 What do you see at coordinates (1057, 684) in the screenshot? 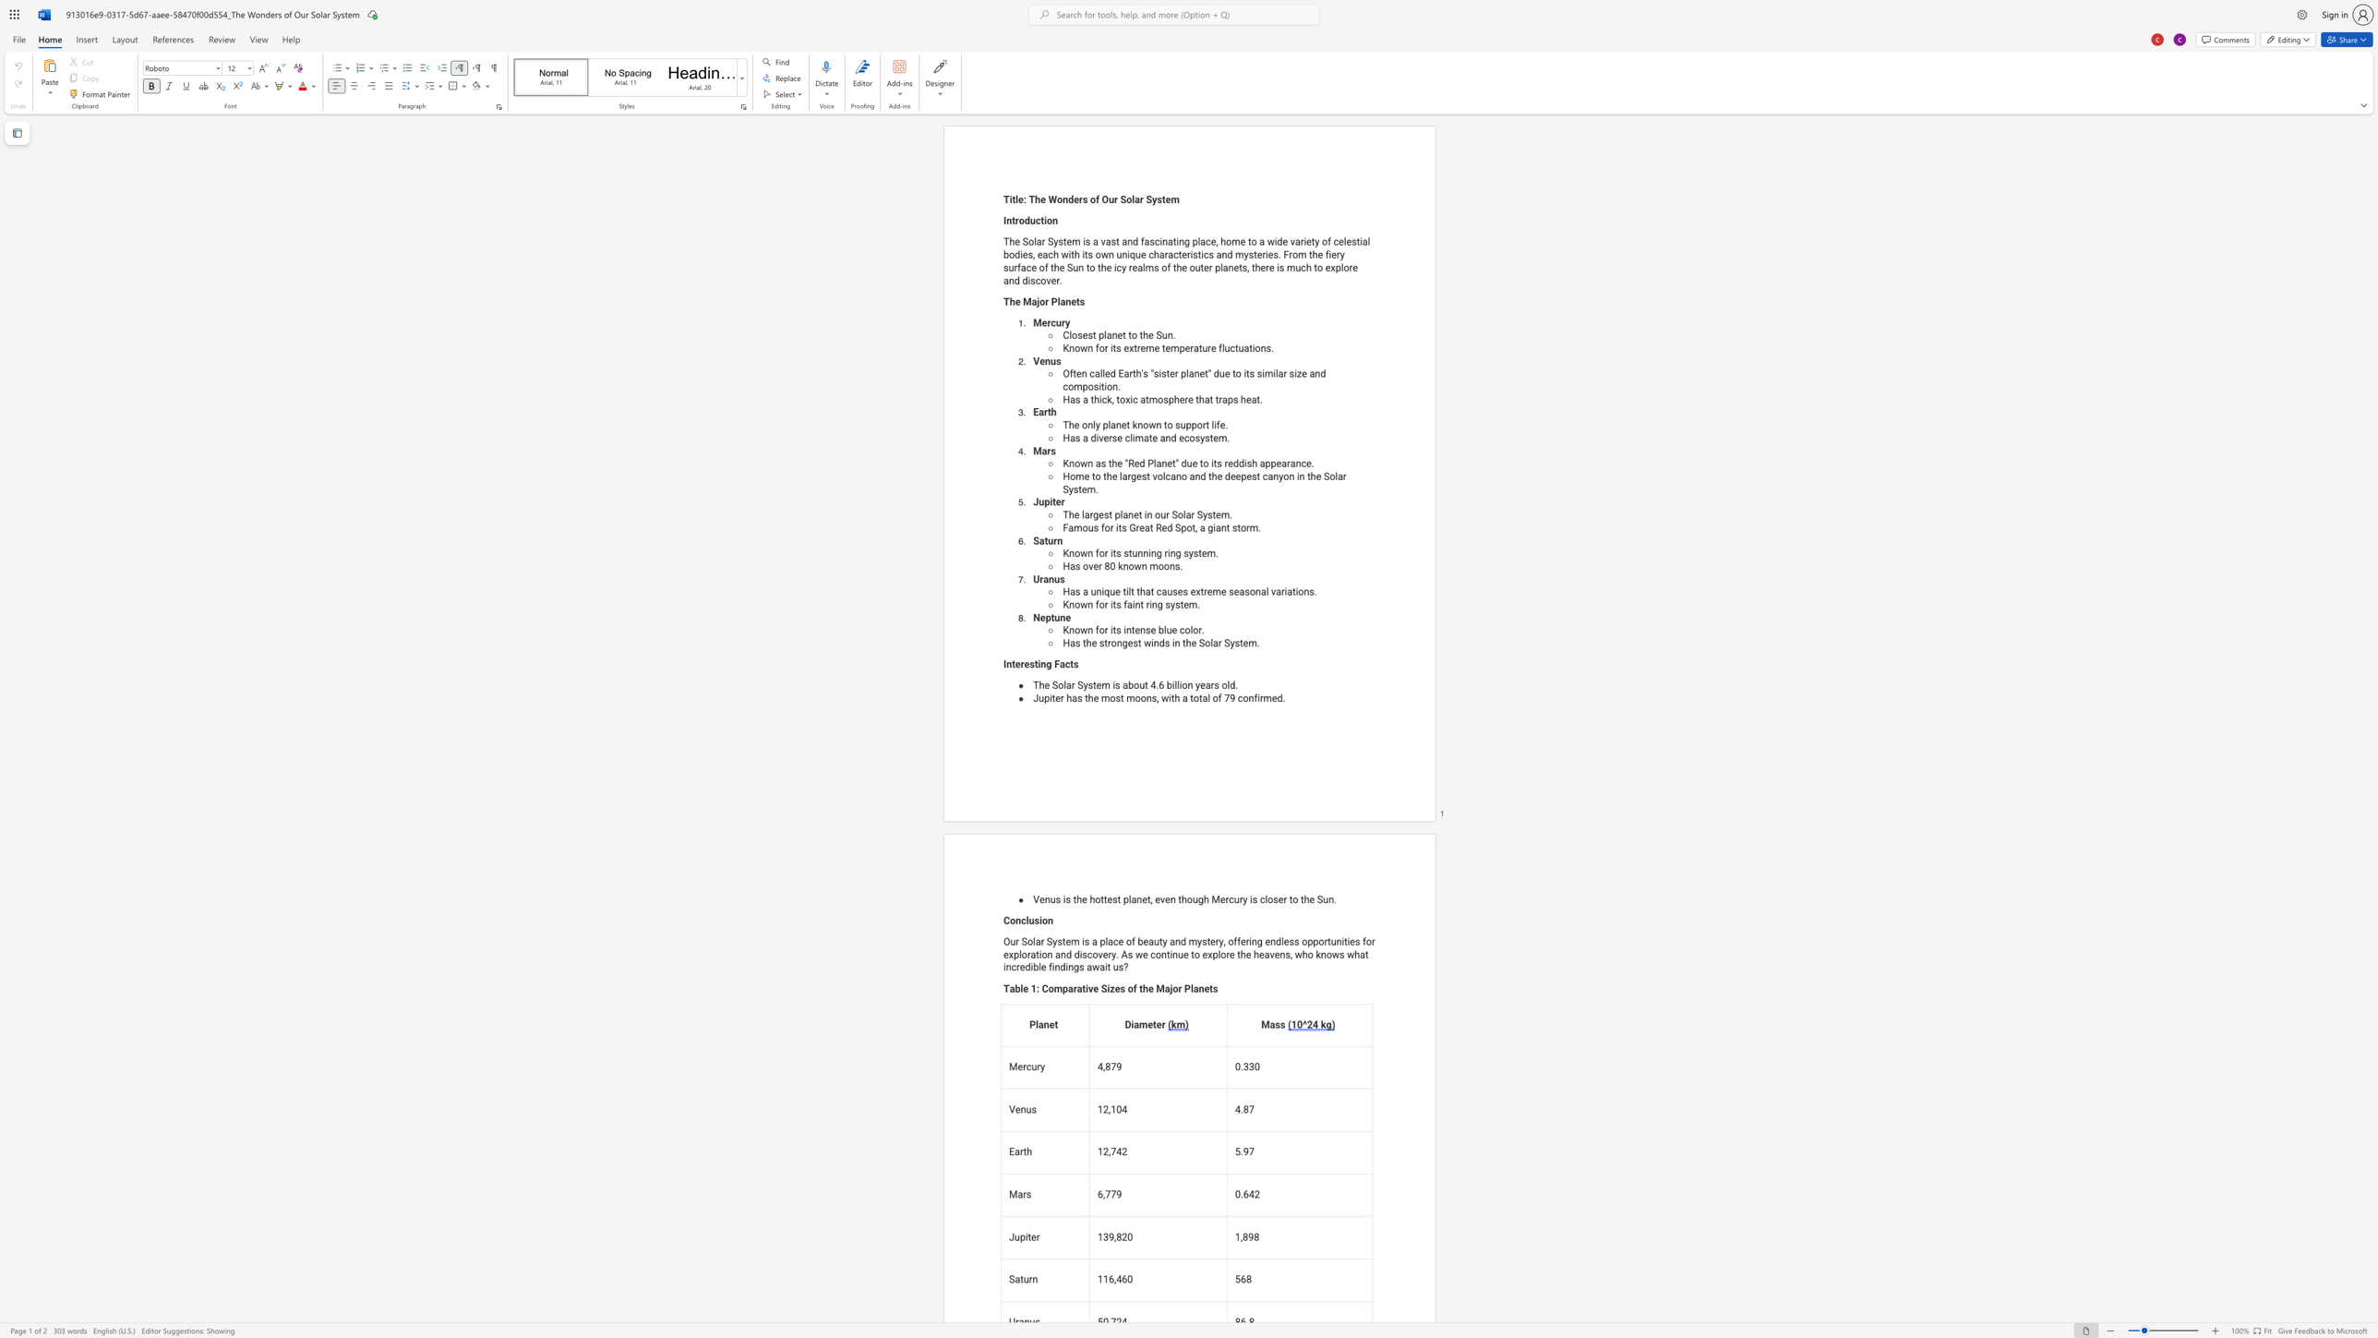
I see `the subset text "olar System is about 4.6 bi" within the text "The Solar System is about 4.6 billion years old."` at bounding box center [1057, 684].